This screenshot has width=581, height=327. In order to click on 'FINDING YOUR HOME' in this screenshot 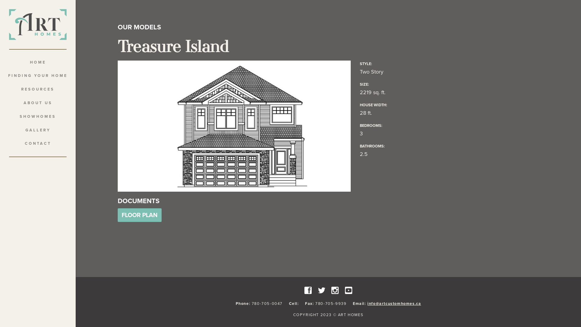, I will do `click(37, 75)`.